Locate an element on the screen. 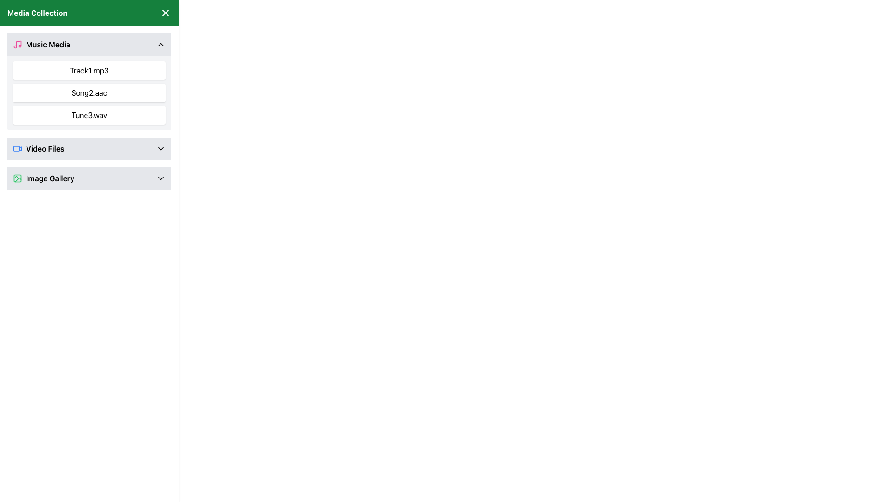 This screenshot has width=893, height=502. the selectable music file list item named 'Tune3.wav' is located at coordinates (89, 114).